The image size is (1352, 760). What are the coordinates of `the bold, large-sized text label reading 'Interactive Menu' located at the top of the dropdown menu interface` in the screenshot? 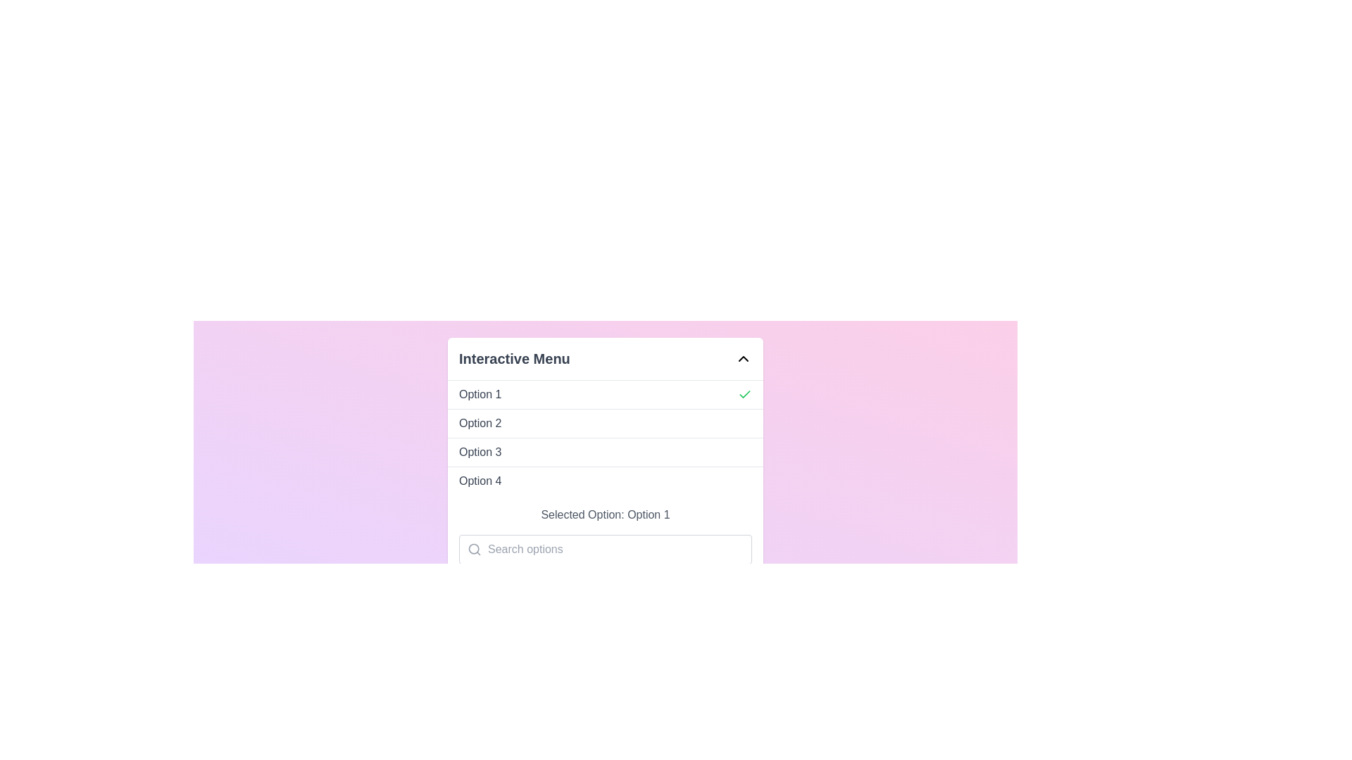 It's located at (513, 357).